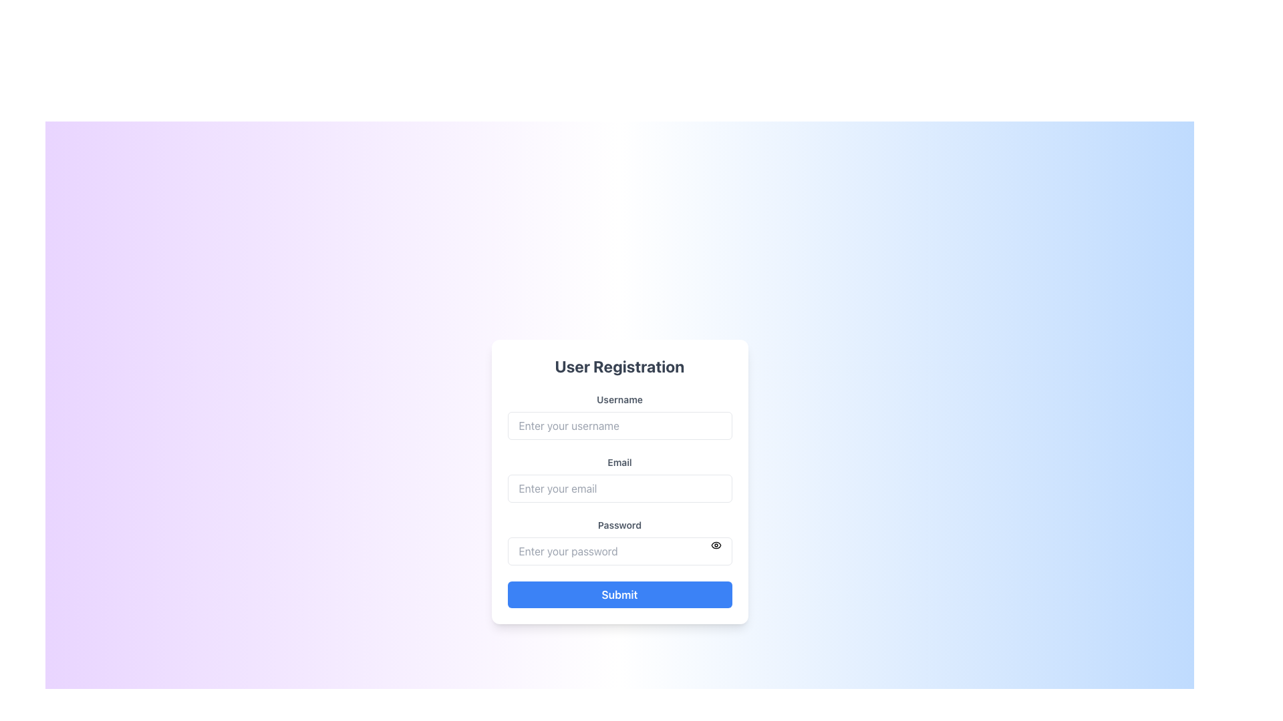 This screenshot has width=1283, height=721. Describe the element at coordinates (619, 524) in the screenshot. I see `text of the label that identifies the password input field in the user registration form, which is positioned directly above the password input field` at that location.